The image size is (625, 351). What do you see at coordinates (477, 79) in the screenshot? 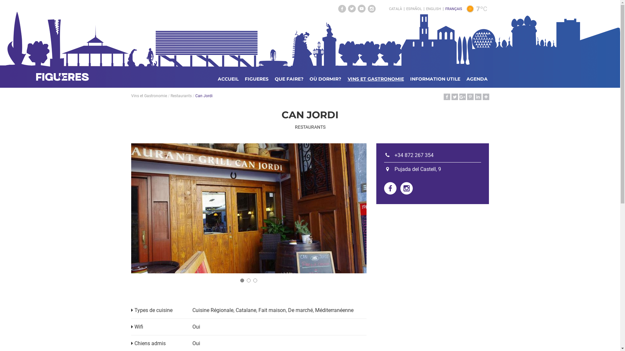
I see `'AGENDA'` at bounding box center [477, 79].